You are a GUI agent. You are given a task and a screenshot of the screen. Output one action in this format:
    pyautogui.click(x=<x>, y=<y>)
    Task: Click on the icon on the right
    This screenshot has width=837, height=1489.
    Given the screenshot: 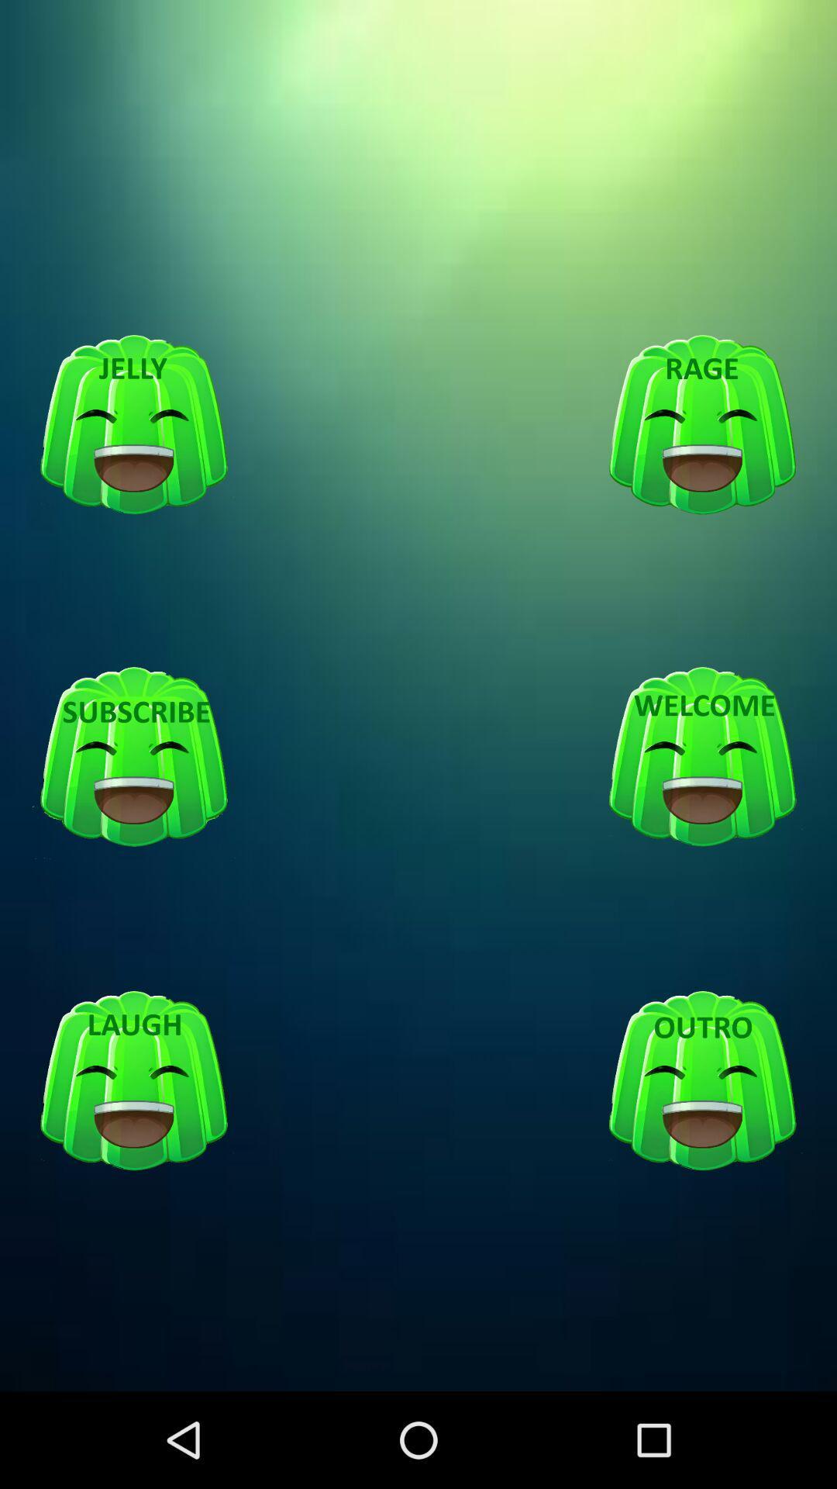 What is the action you would take?
    pyautogui.click(x=702, y=758)
    